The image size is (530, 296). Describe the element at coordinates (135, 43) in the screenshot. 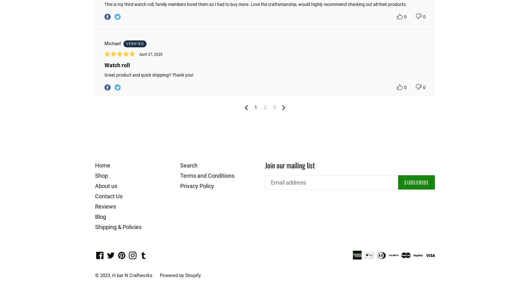

I see `'Verified'` at that location.